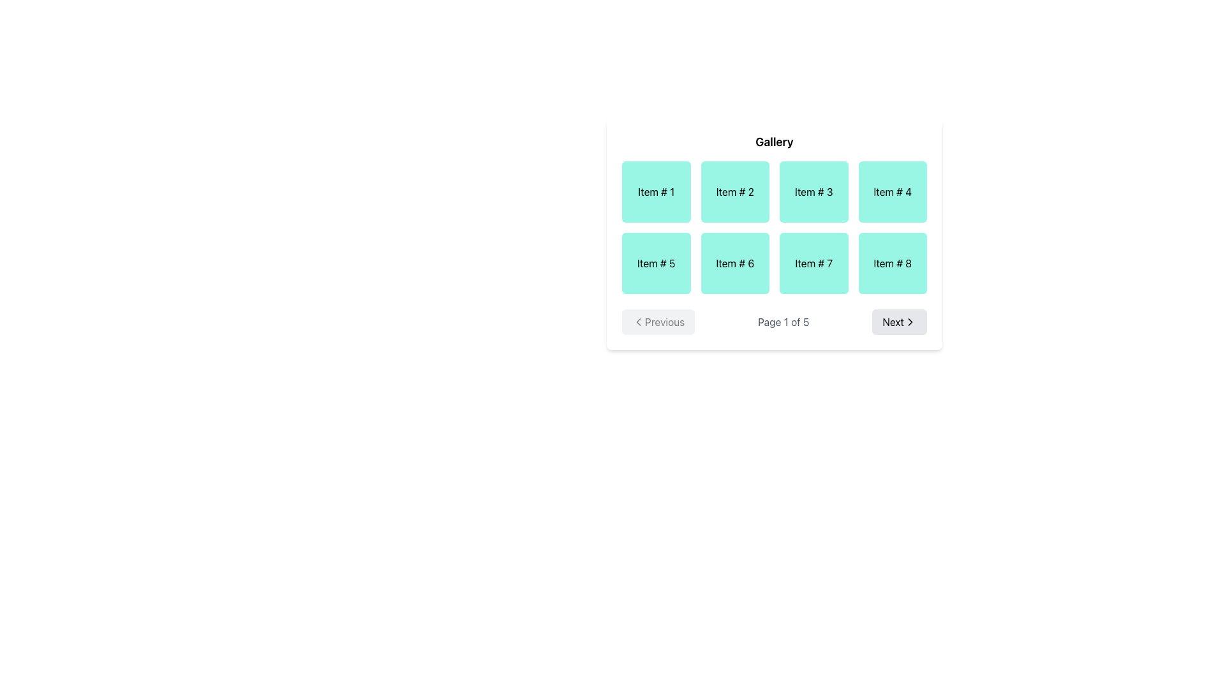  I want to click on the chevron arrow icon located within the 'Next' button of the pagination control to indicate forward navigation, so click(909, 322).